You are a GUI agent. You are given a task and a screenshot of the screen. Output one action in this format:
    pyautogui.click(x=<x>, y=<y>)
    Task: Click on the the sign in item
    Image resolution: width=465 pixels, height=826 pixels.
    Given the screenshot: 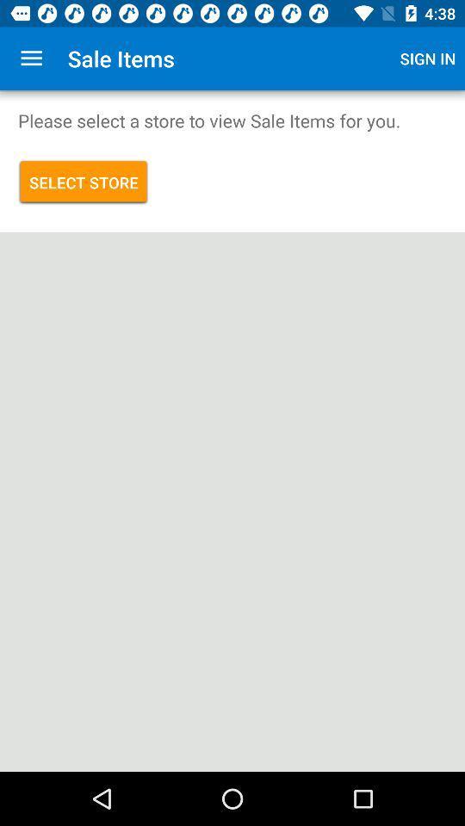 What is the action you would take?
    pyautogui.click(x=427, y=59)
    